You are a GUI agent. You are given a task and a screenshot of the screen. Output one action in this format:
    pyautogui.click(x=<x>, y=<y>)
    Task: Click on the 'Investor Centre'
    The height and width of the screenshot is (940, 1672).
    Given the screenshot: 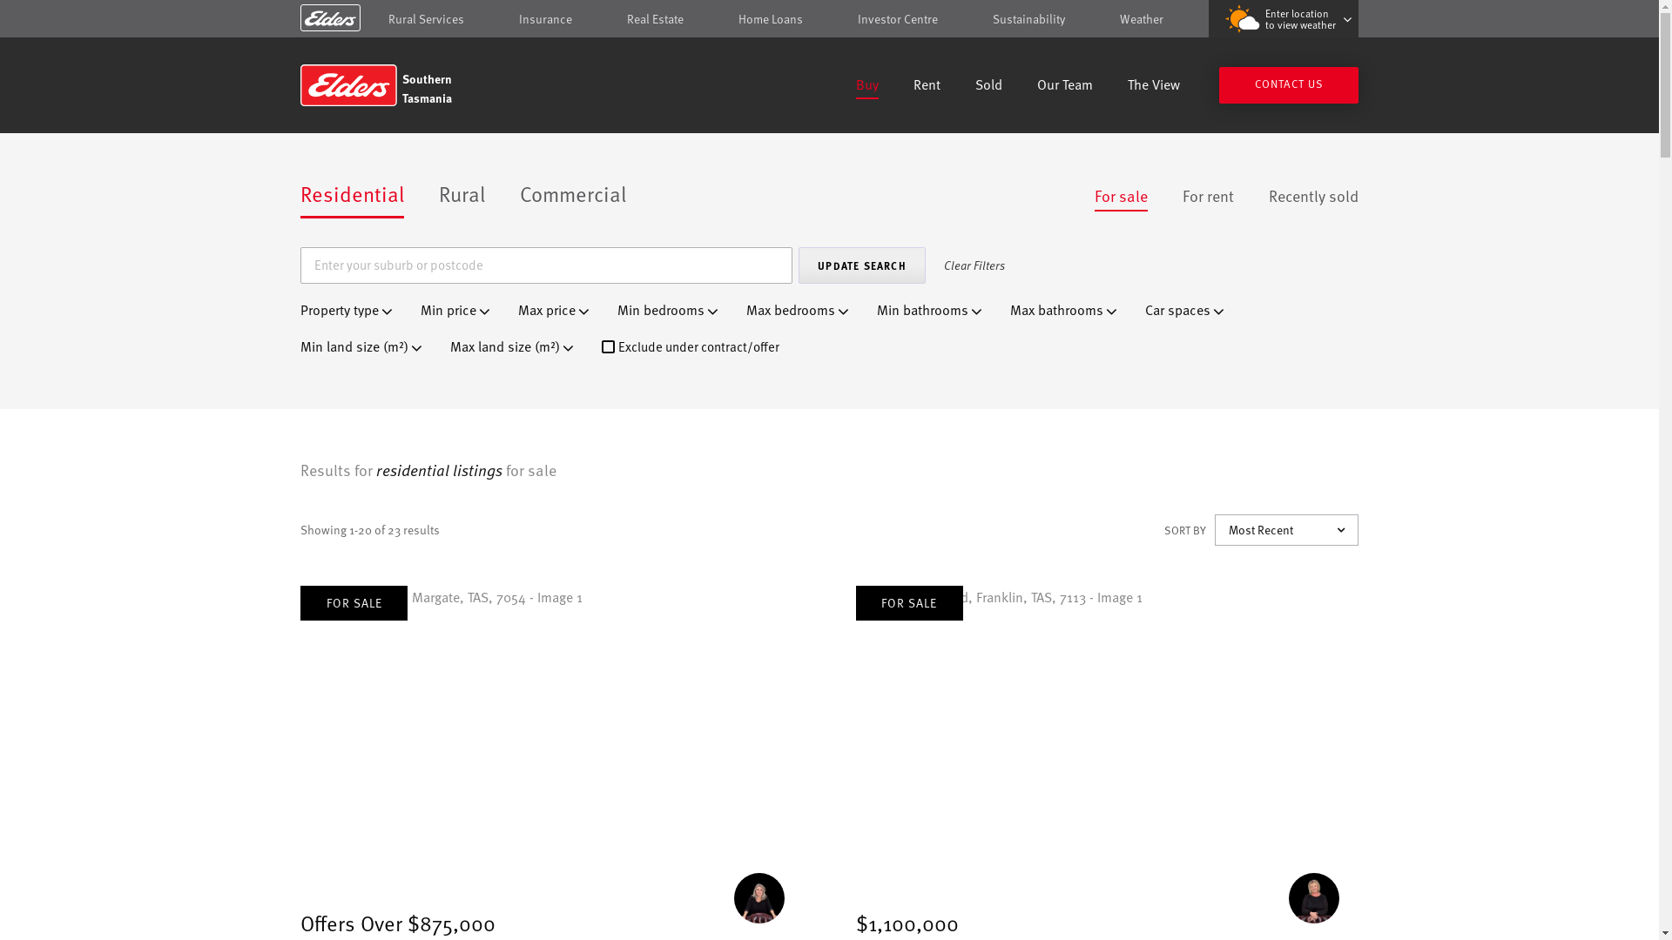 What is the action you would take?
    pyautogui.click(x=898, y=18)
    